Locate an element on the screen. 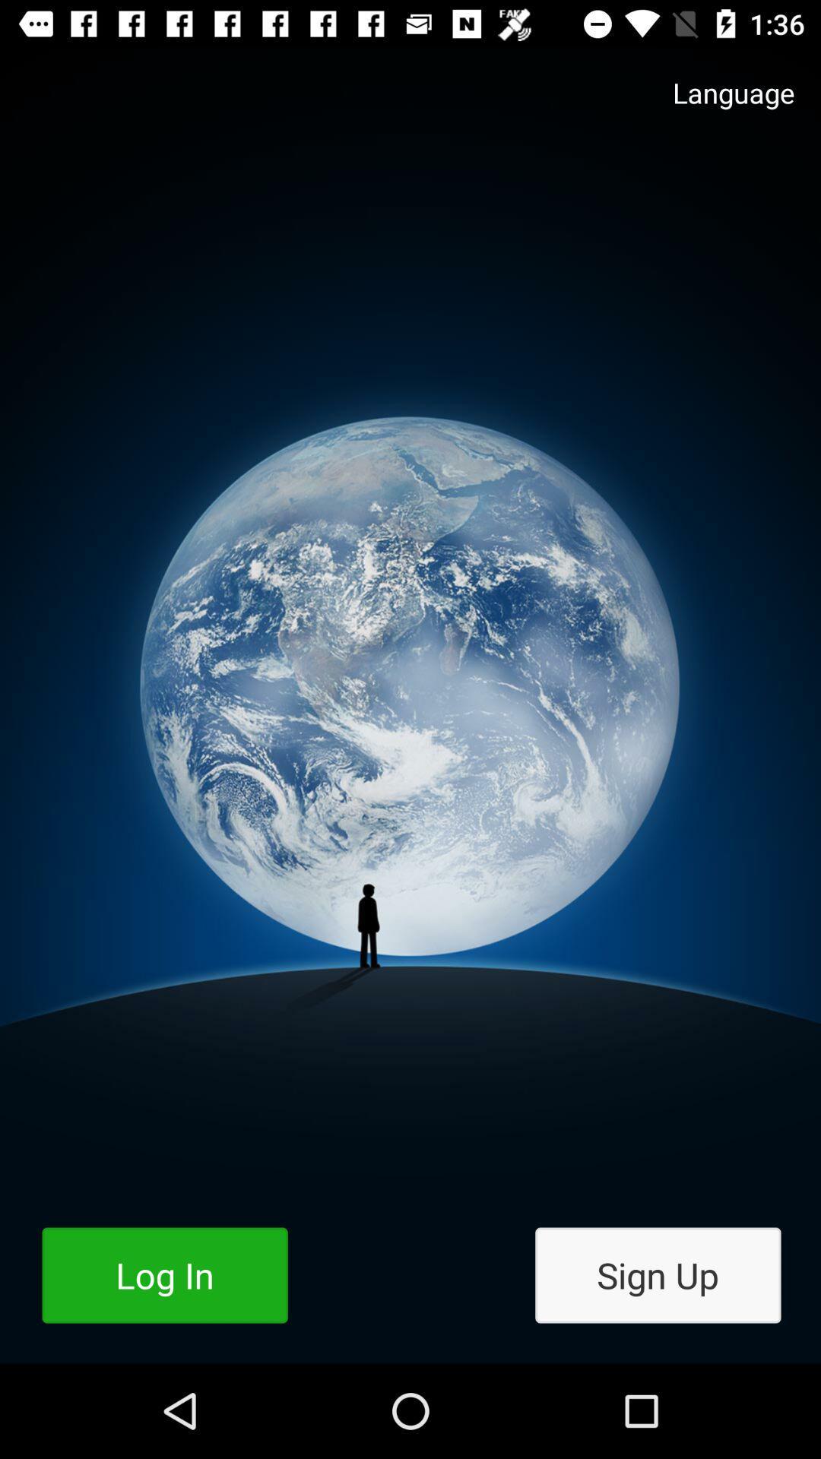  log in at the bottom left corner is located at coordinates (165, 1275).